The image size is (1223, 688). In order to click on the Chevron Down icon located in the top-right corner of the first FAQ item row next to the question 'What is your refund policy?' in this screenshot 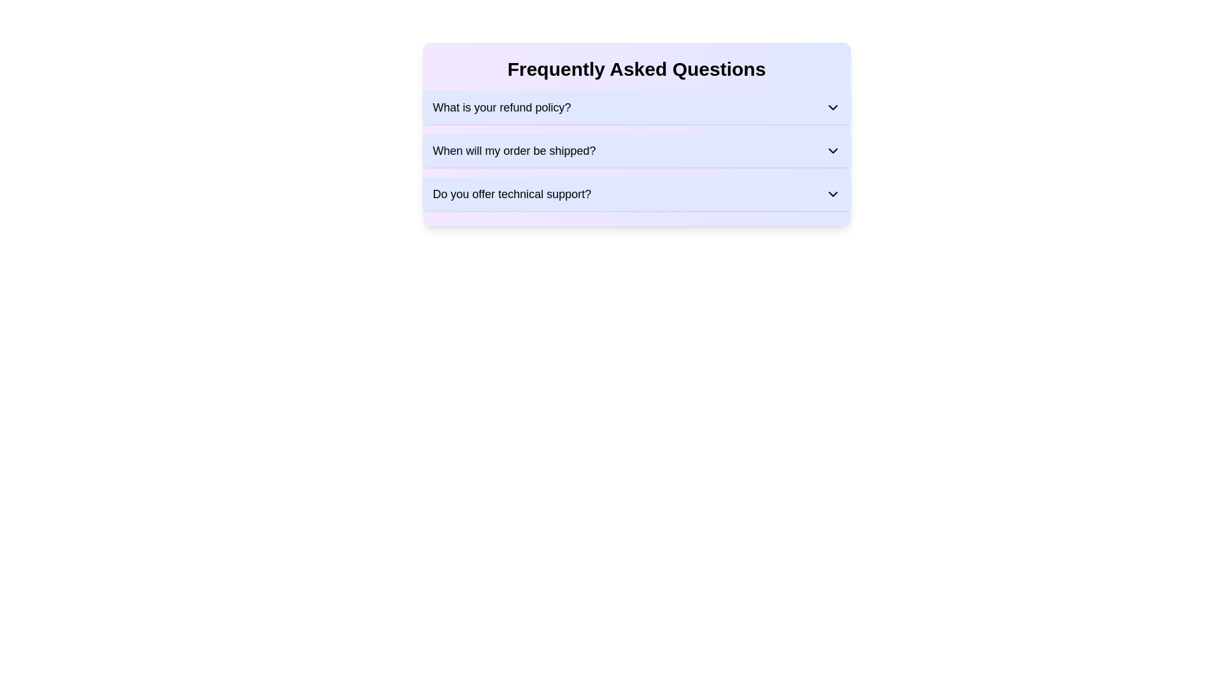, I will do `click(833, 107)`.